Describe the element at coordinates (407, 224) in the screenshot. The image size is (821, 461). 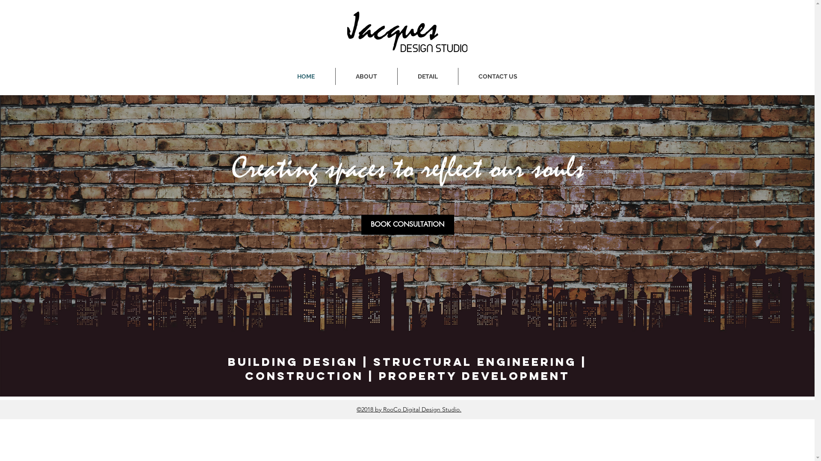
I see `'BOOK CONSULTATION'` at that location.